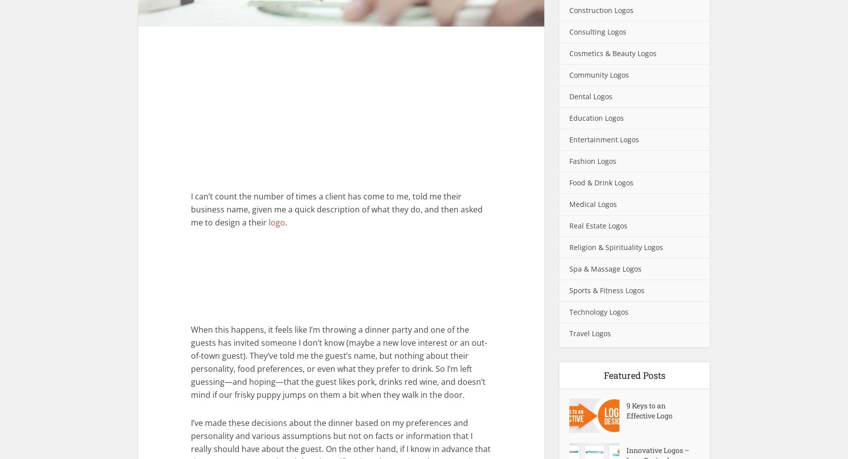 Image resolution: width=848 pixels, height=459 pixels. Describe the element at coordinates (606, 290) in the screenshot. I see `'Sports & Fitness Logos'` at that location.